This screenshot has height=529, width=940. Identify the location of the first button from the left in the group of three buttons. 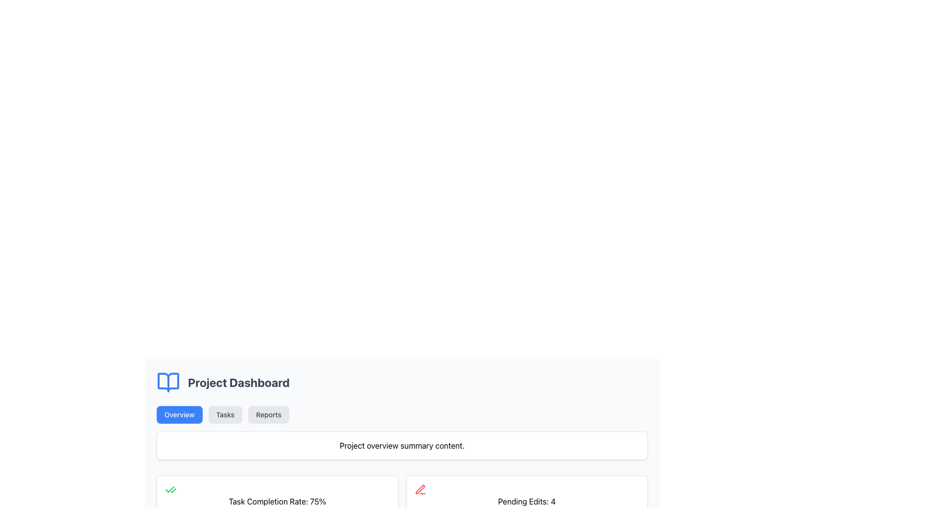
(179, 415).